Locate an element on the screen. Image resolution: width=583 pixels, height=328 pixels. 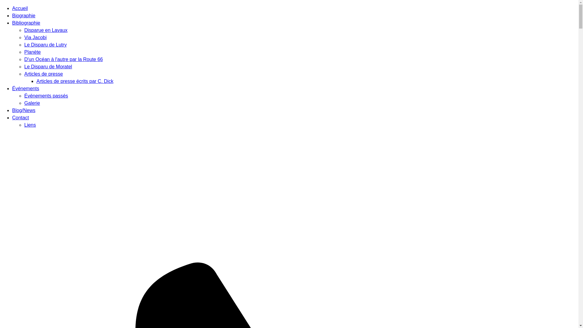
'Blog/News' is located at coordinates (12, 110).